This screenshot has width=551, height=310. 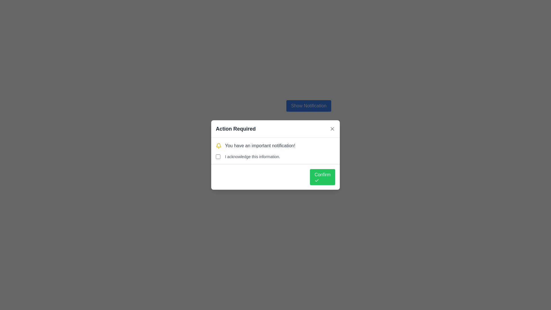 What do you see at coordinates (332, 128) in the screenshot?
I see `the close button located at the top-right corner of the modal window's header section to change its color` at bounding box center [332, 128].